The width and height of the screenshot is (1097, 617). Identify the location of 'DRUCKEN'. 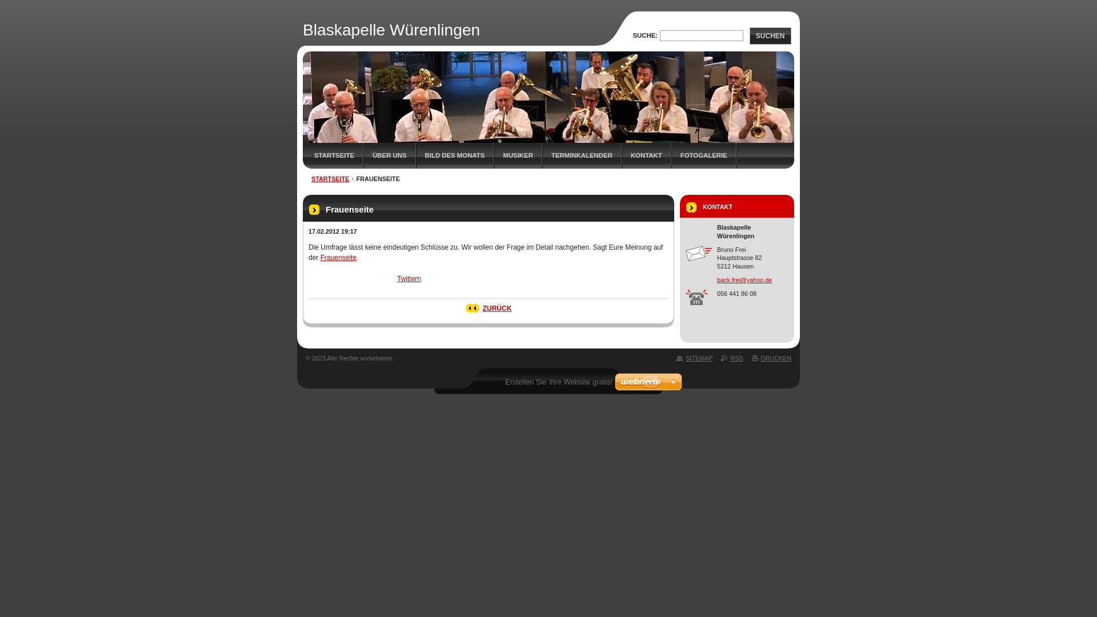
(771, 358).